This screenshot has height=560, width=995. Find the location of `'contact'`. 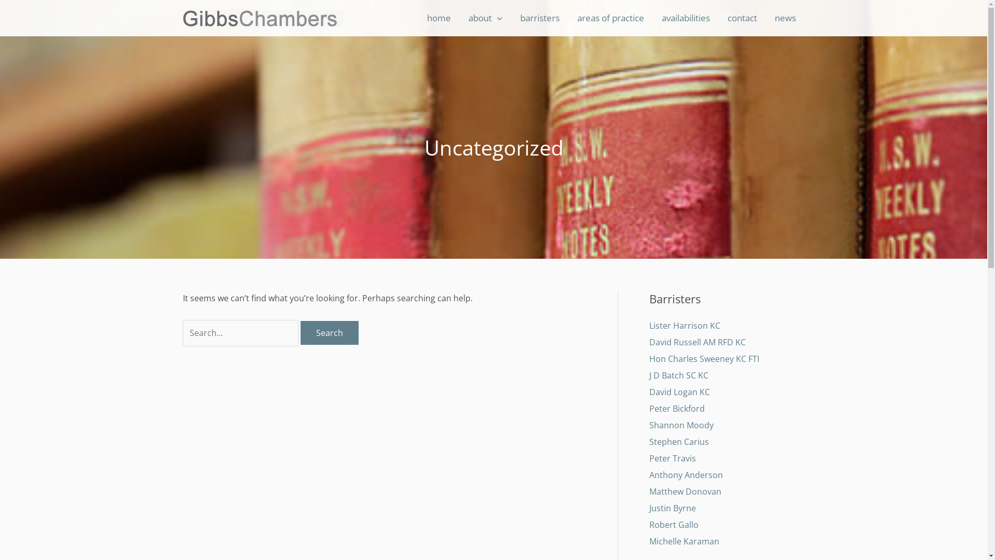

'contact' is located at coordinates (741, 18).